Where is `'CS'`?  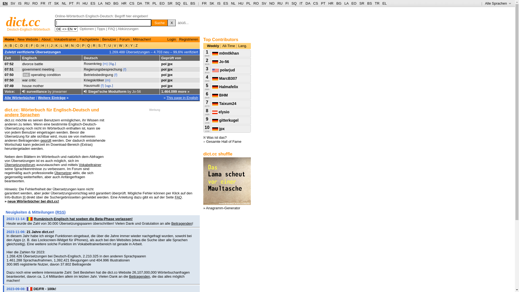
'CS' is located at coordinates (315, 3).